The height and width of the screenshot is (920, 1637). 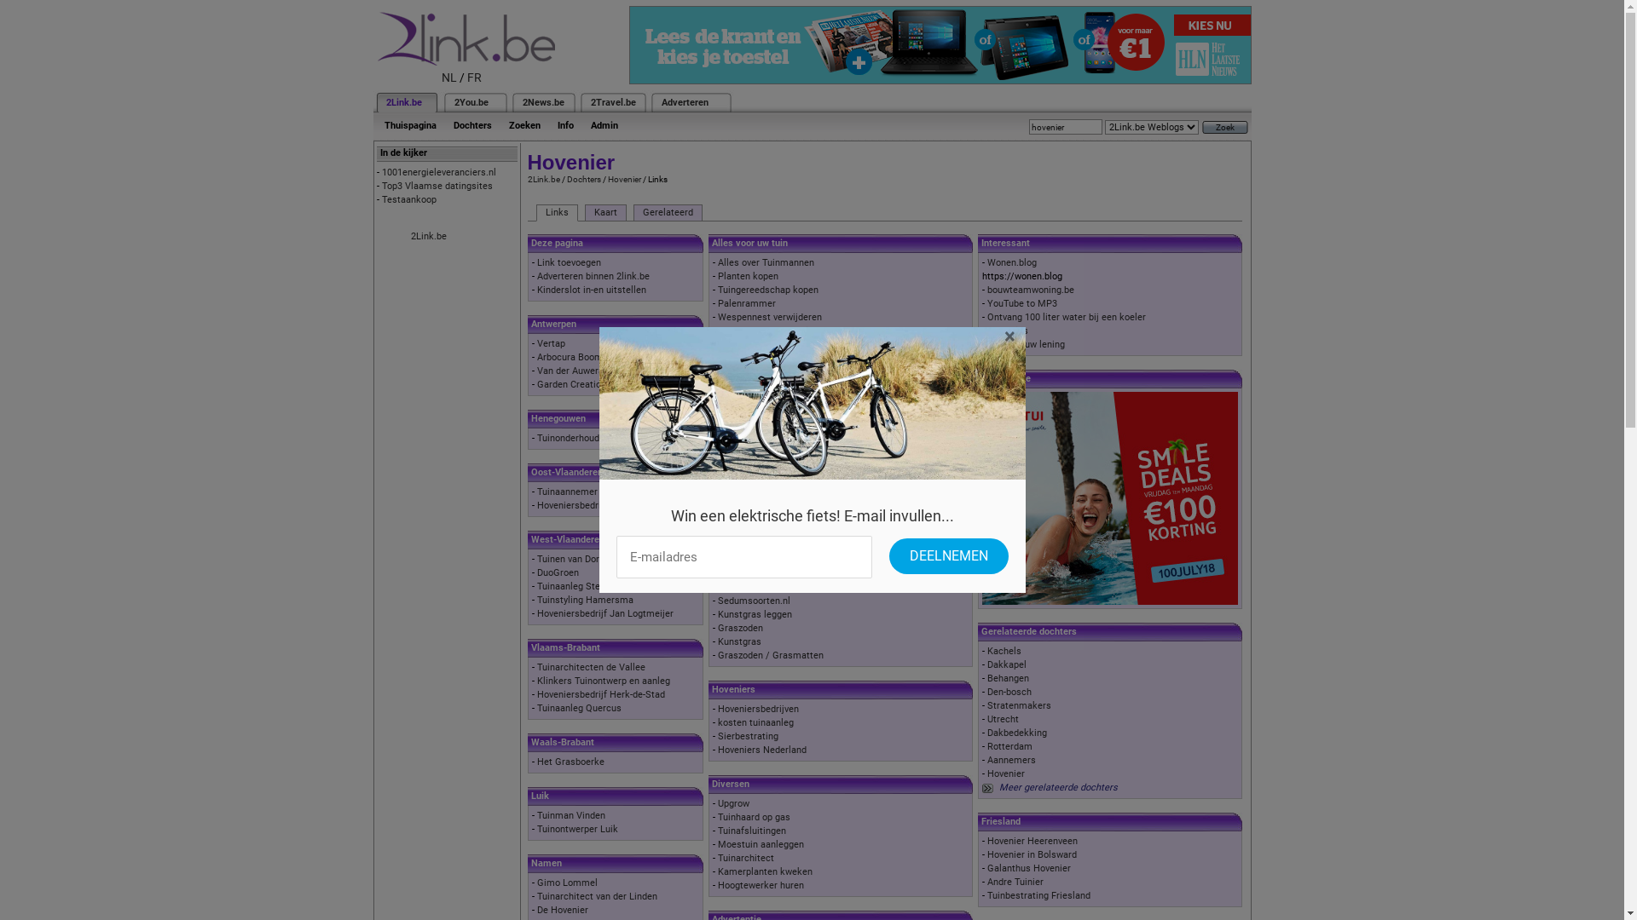 What do you see at coordinates (753, 816) in the screenshot?
I see `'Tuinhaard op gas'` at bounding box center [753, 816].